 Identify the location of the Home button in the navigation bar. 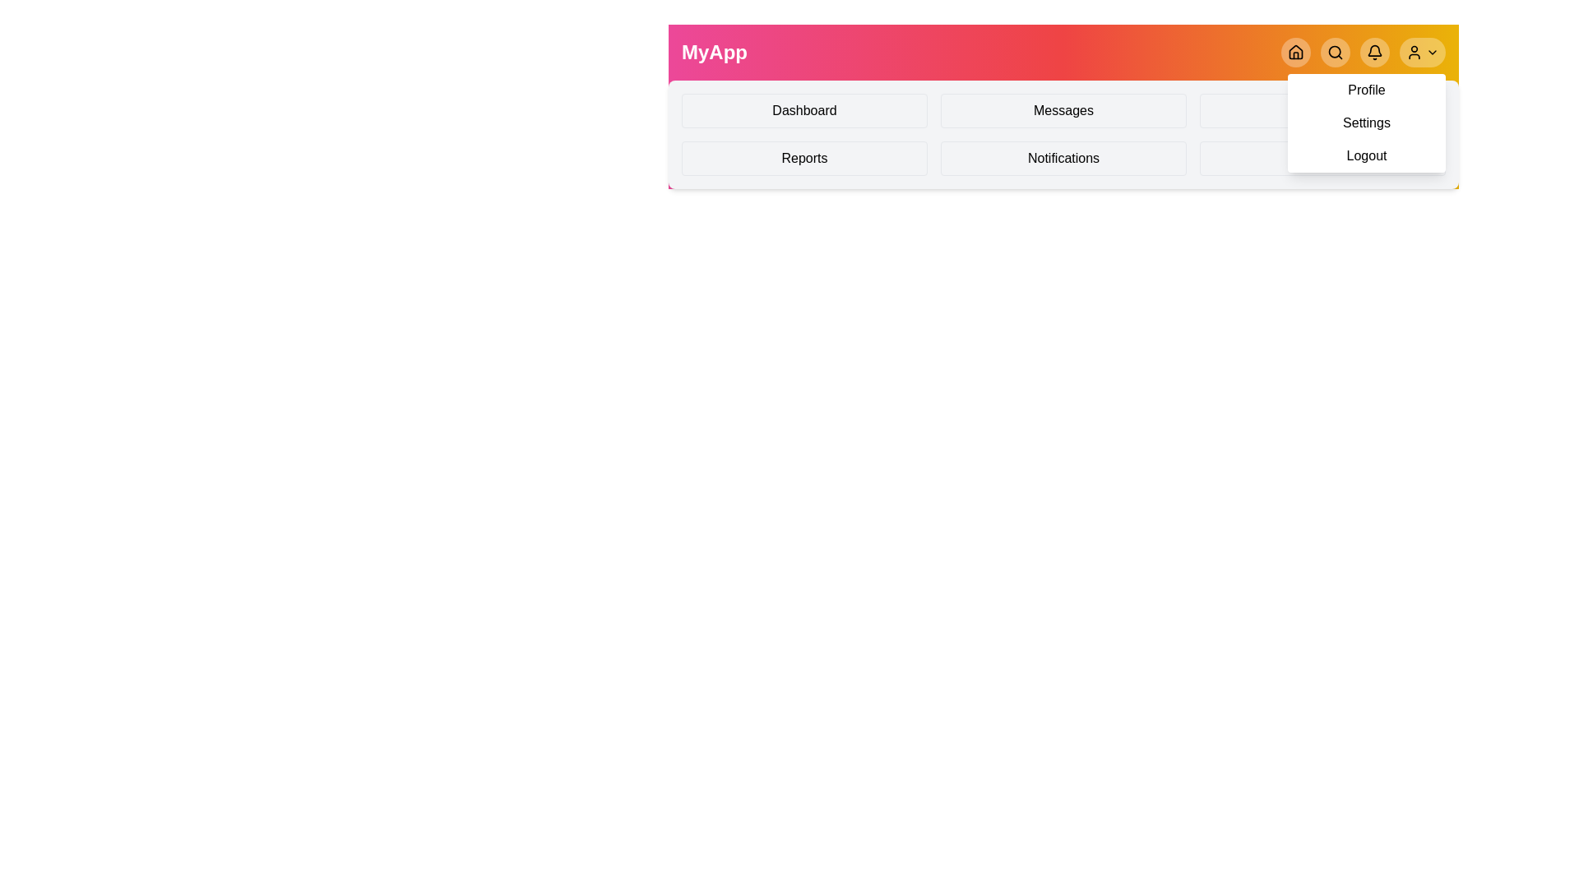
(1294, 52).